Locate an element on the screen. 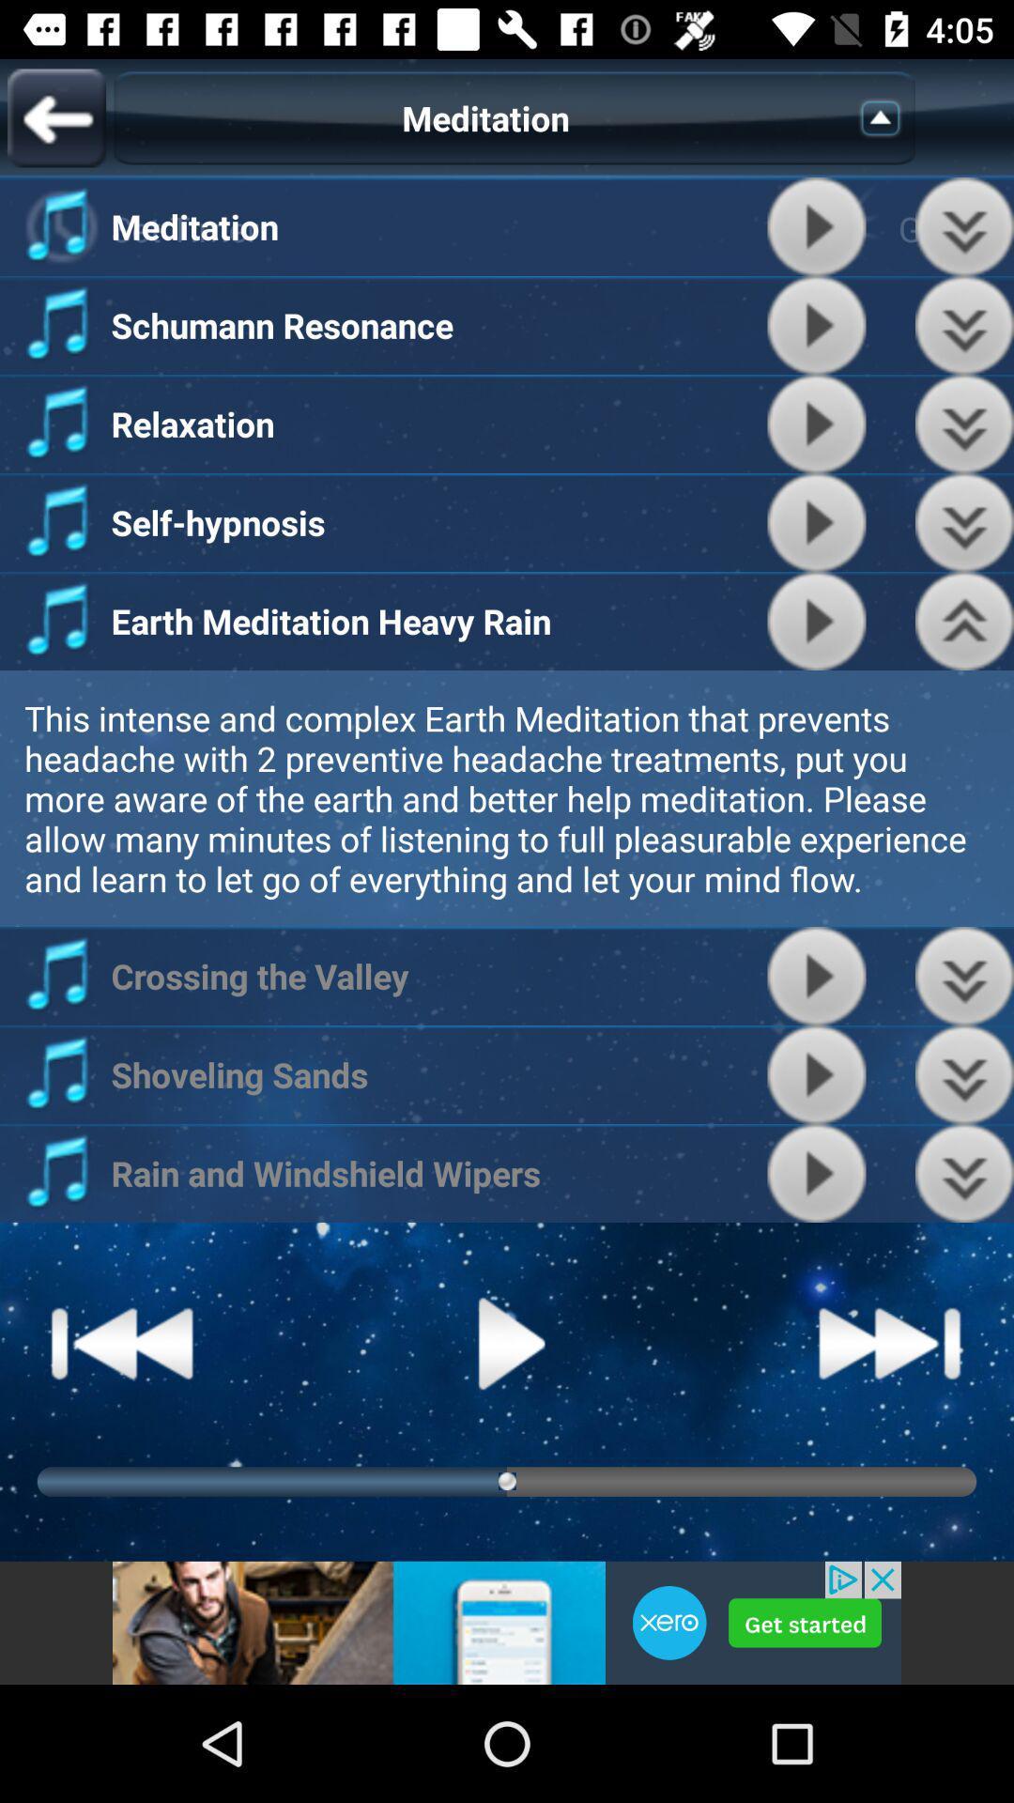 The height and width of the screenshot is (1803, 1014). next is located at coordinates (889, 1342).